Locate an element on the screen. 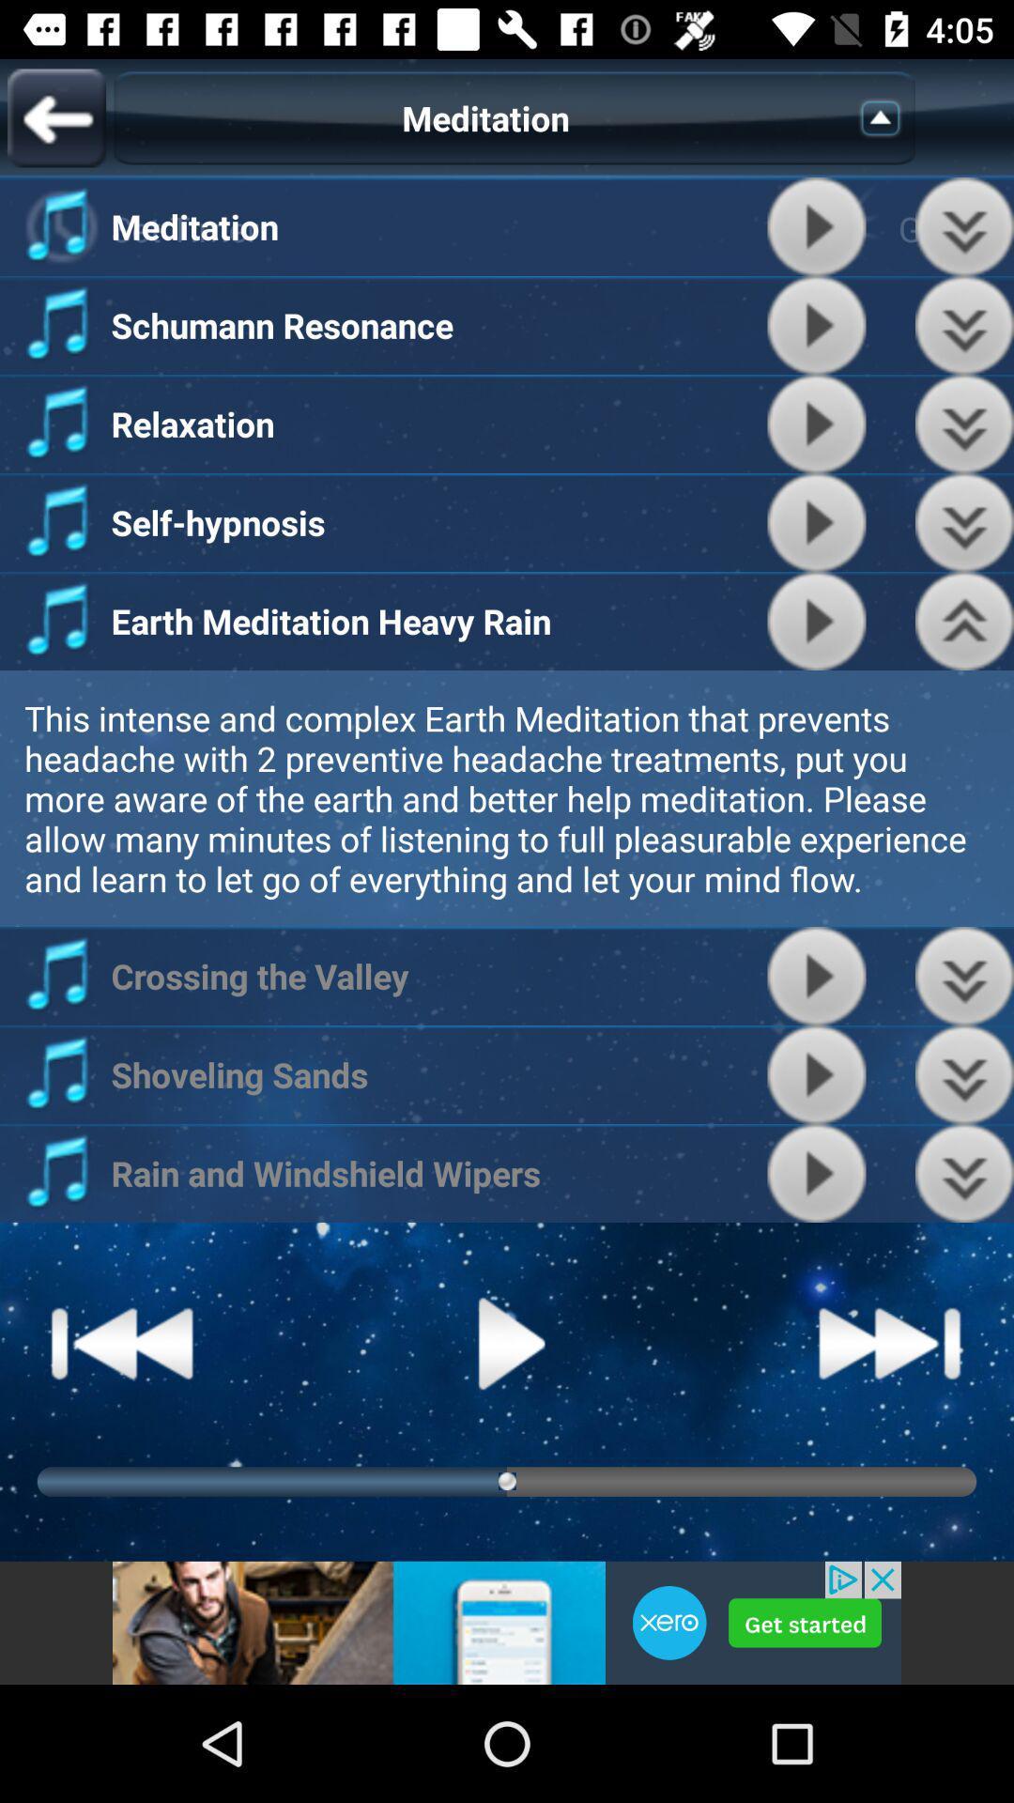 The height and width of the screenshot is (1803, 1014). next is located at coordinates (889, 1342).